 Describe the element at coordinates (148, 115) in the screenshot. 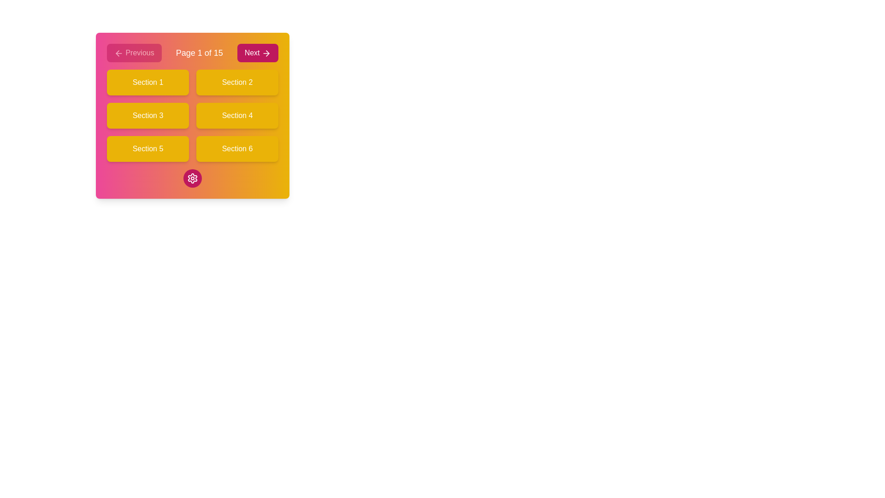

I see `the rectangular button labeled 'Section 3' with a yellow background` at that location.